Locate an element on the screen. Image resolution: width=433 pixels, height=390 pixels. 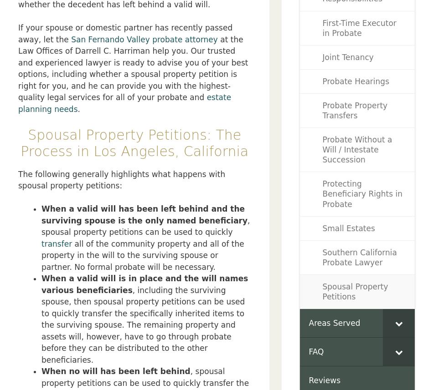
'The following generally highlights what happens with spousal property petitions:' is located at coordinates (121, 179).